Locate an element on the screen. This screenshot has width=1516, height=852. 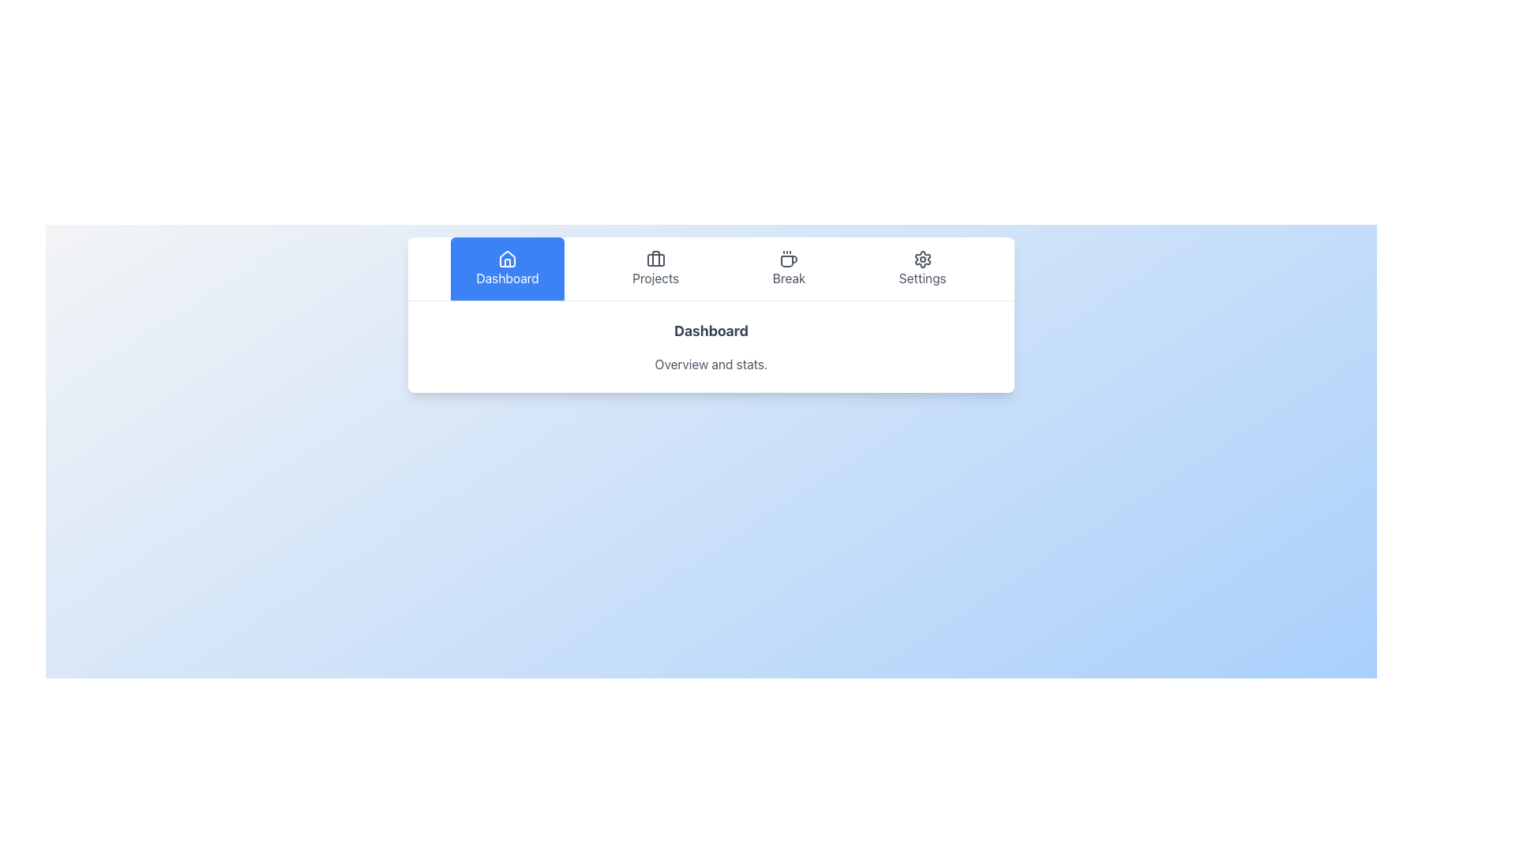
the 'Settings' icon button located in the navigation bar at the upper right corner is located at coordinates (922, 258).